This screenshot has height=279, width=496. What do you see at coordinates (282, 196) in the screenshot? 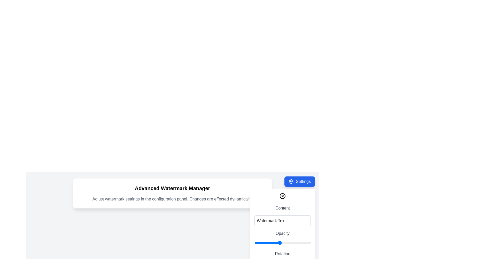
I see `the circular close button with an 'X' symbol located in the top-right corner of the settings panel` at bounding box center [282, 196].